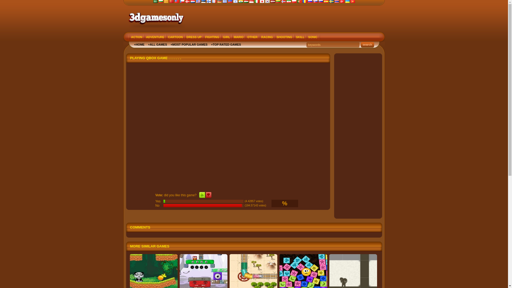 This screenshot has height=288, width=512. Describe the element at coordinates (361, 45) in the screenshot. I see `'search'` at that location.